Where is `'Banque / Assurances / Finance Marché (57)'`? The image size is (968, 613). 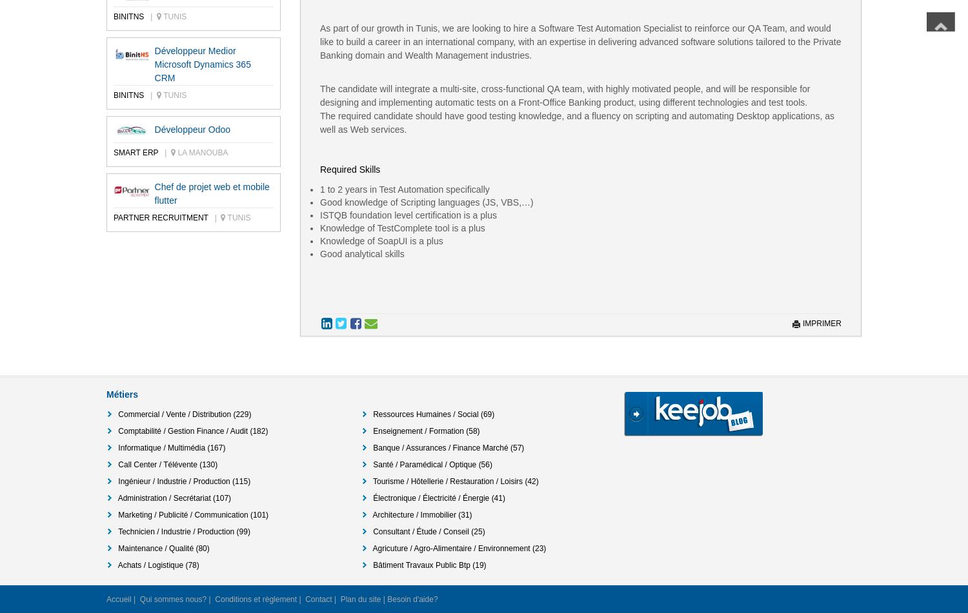 'Banque / Assurances / Finance Marché (57)' is located at coordinates (447, 447).